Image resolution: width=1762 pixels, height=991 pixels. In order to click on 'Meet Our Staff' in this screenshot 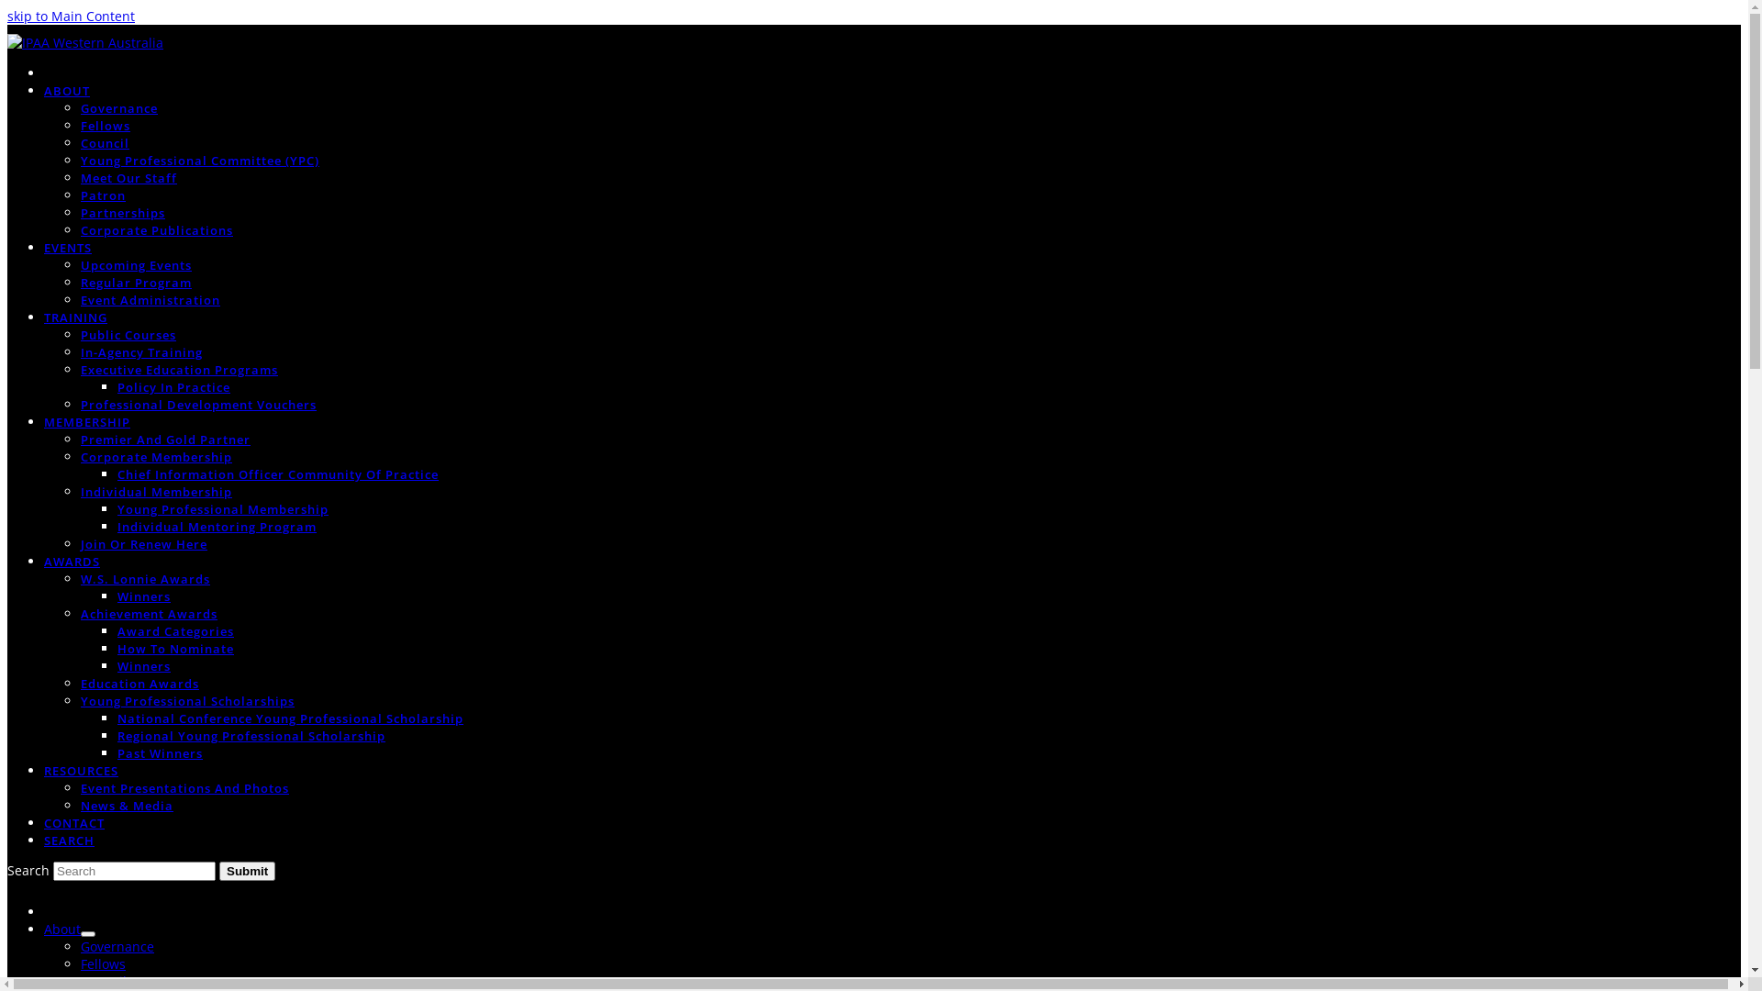, I will do `click(128, 177)`.